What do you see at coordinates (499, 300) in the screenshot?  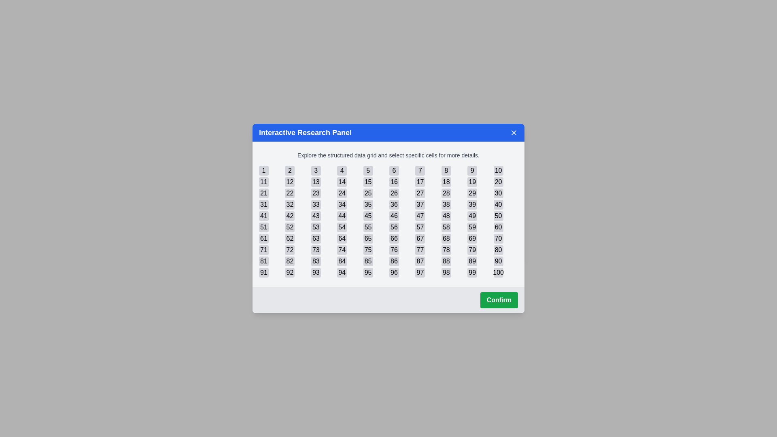 I see `the 'Confirm' button to execute the confirmation action` at bounding box center [499, 300].